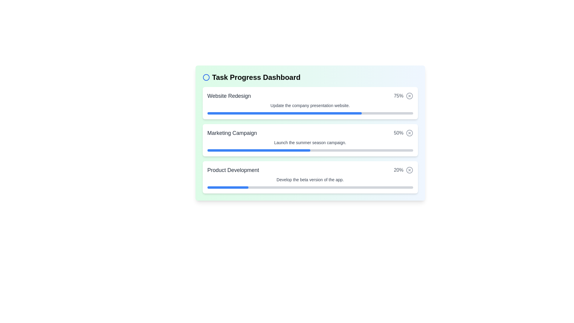 The width and height of the screenshot is (574, 323). What do you see at coordinates (232, 132) in the screenshot?
I see `the static text label for the task 'Marketing Campaign' located on the left side of the 'Task Progress Dashboard' interface` at bounding box center [232, 132].